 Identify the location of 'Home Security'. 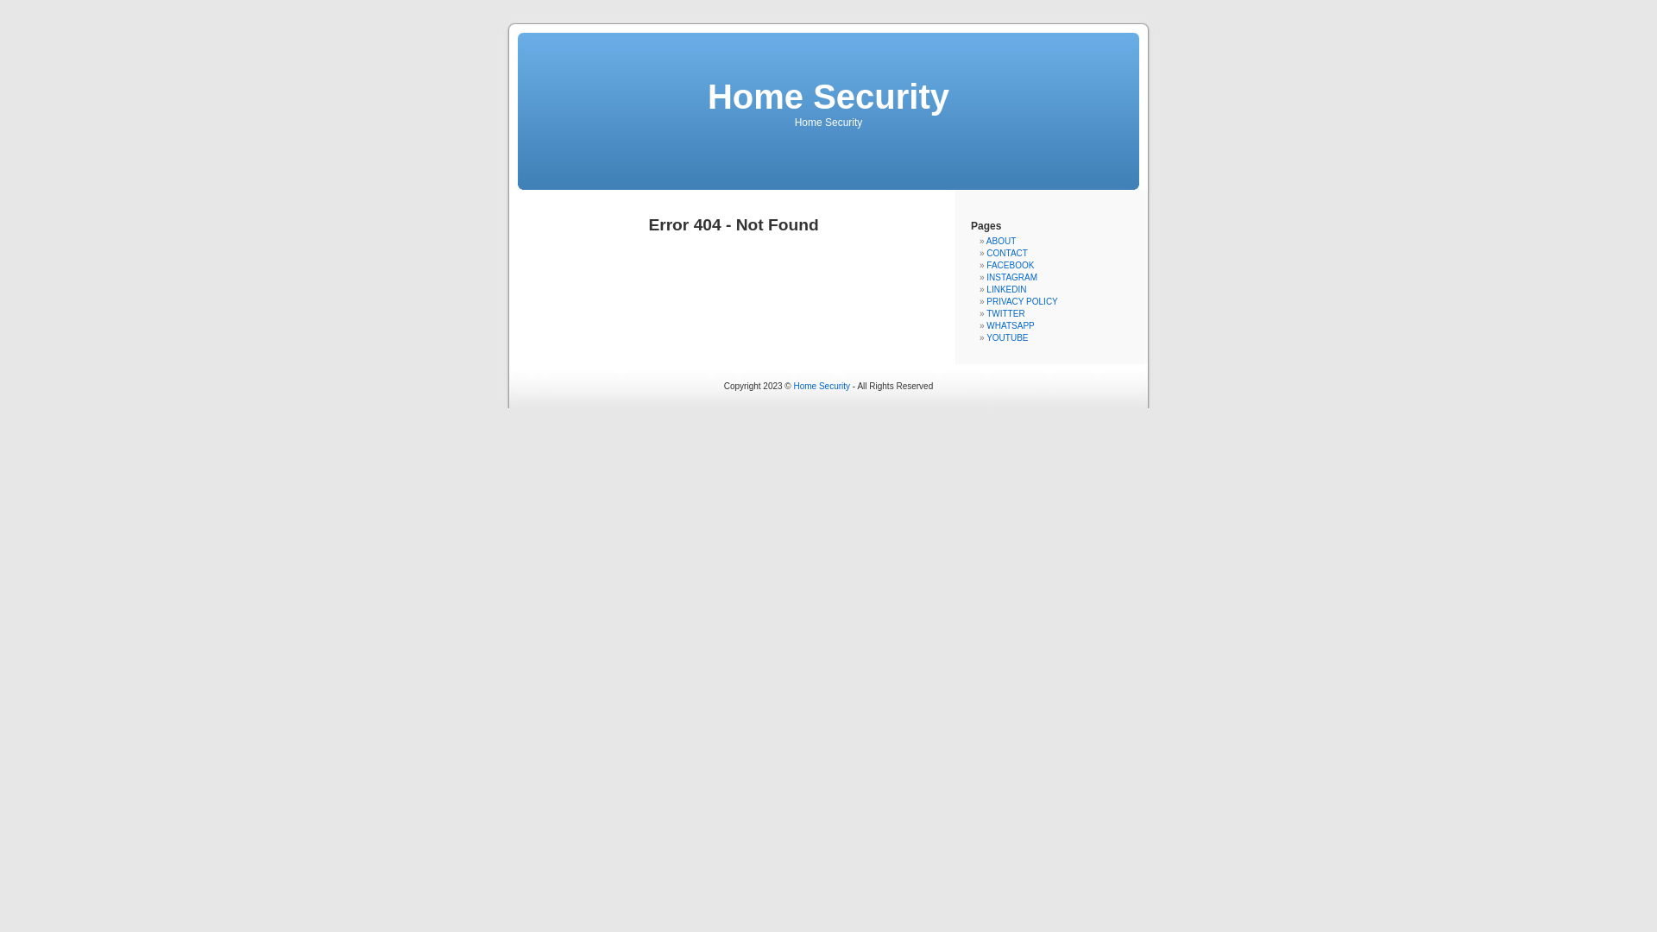
(828, 96).